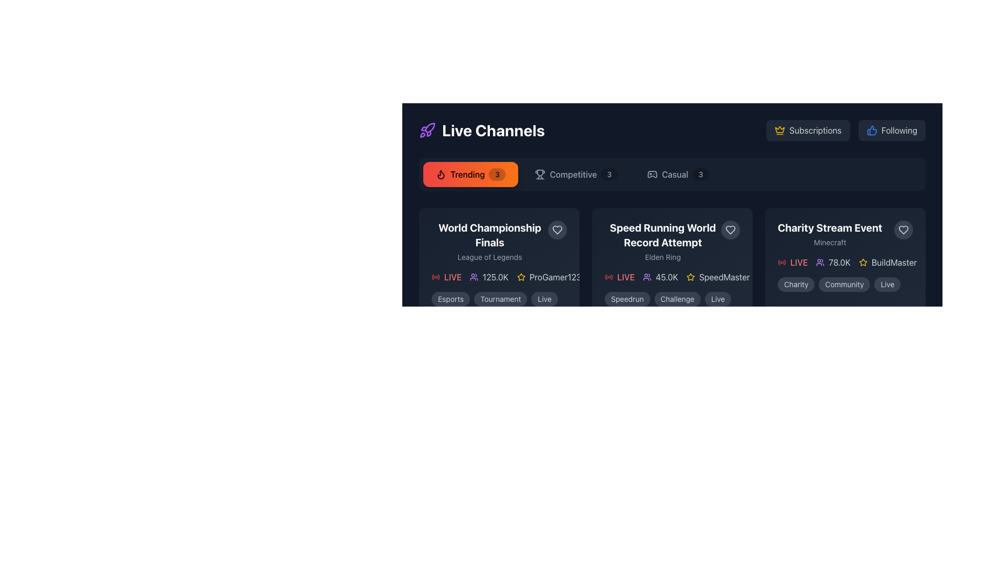 Image resolution: width=1007 pixels, height=566 pixels. What do you see at coordinates (730, 230) in the screenshot?
I see `the heart icon` at bounding box center [730, 230].